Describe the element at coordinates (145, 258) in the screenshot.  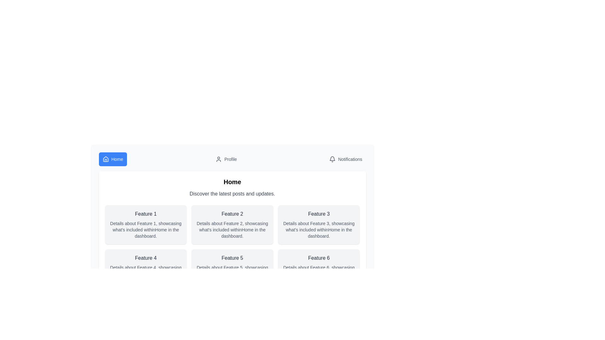
I see `the Text label that serves as a title or header for the content described below it, located in the bottom left portion of the grid layout` at that location.